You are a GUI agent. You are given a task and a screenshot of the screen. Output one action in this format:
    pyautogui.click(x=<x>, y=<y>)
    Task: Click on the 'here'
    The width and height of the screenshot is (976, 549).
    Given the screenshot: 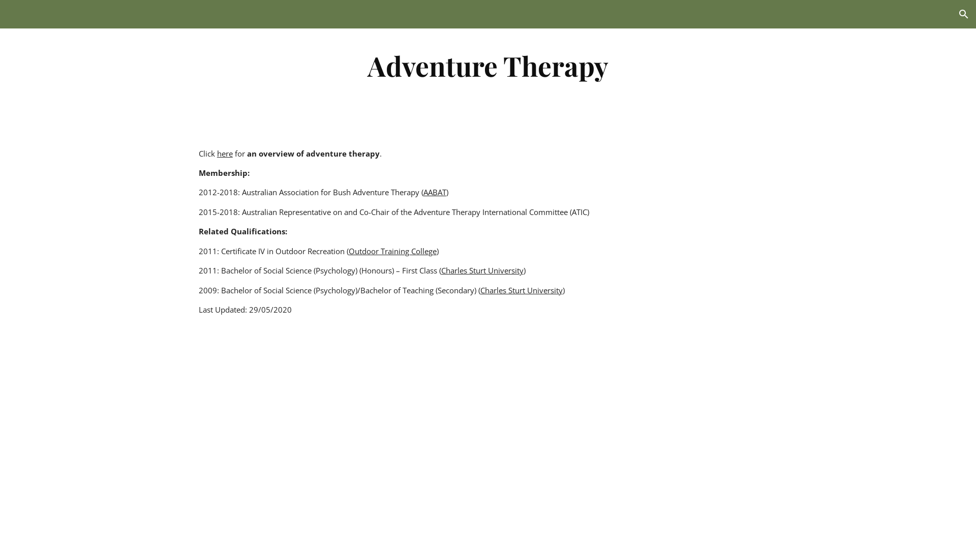 What is the action you would take?
    pyautogui.click(x=224, y=153)
    